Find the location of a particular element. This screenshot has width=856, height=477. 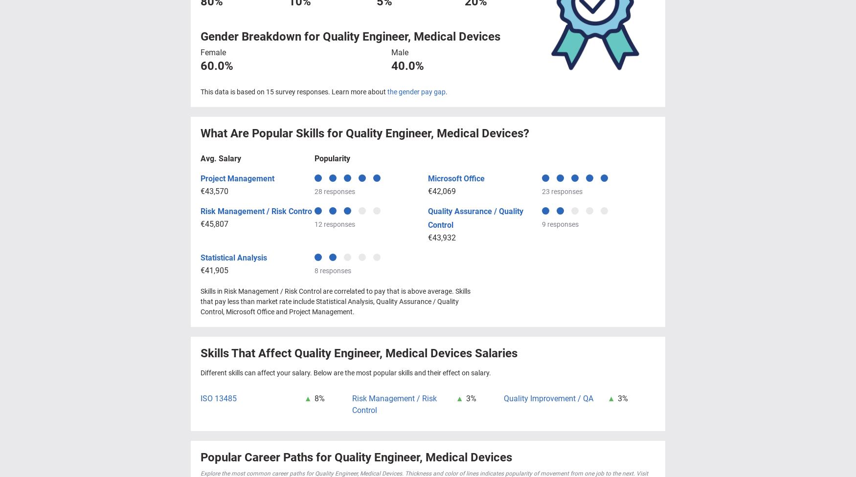

'What Are Popular Skills for' is located at coordinates (272, 133).